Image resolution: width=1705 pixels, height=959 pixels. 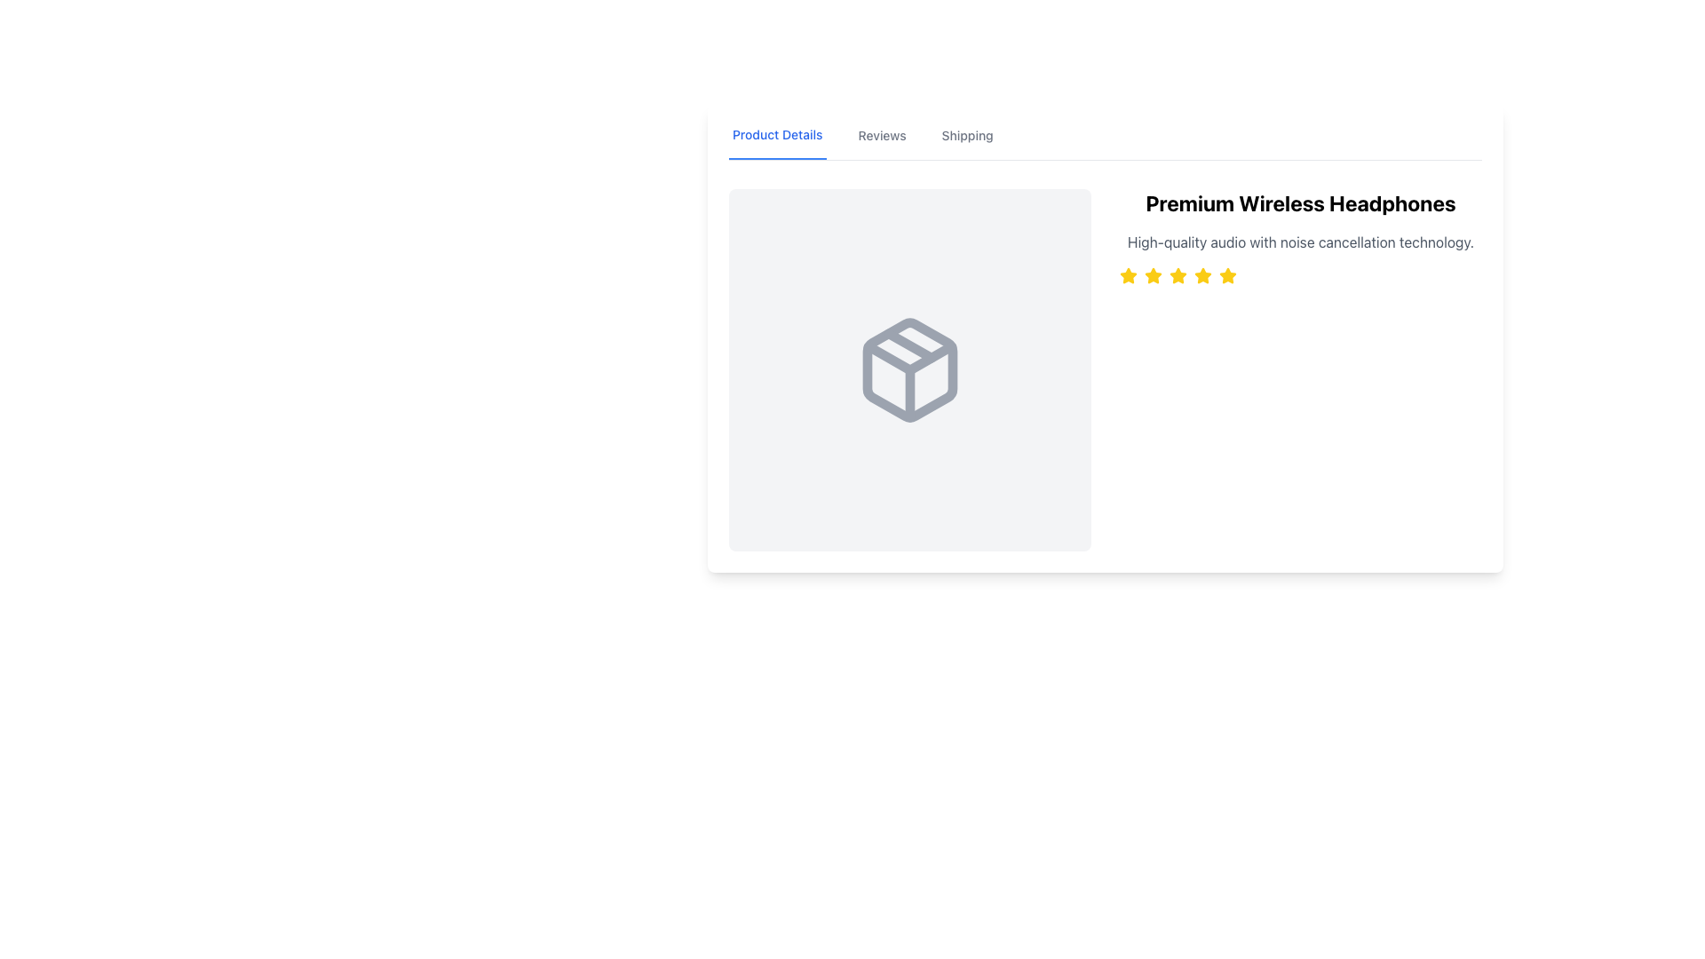 I want to click on the 'Shipping' tab in the navigation bar located at the top of the product details section to check shipping information, so click(x=1104, y=142).